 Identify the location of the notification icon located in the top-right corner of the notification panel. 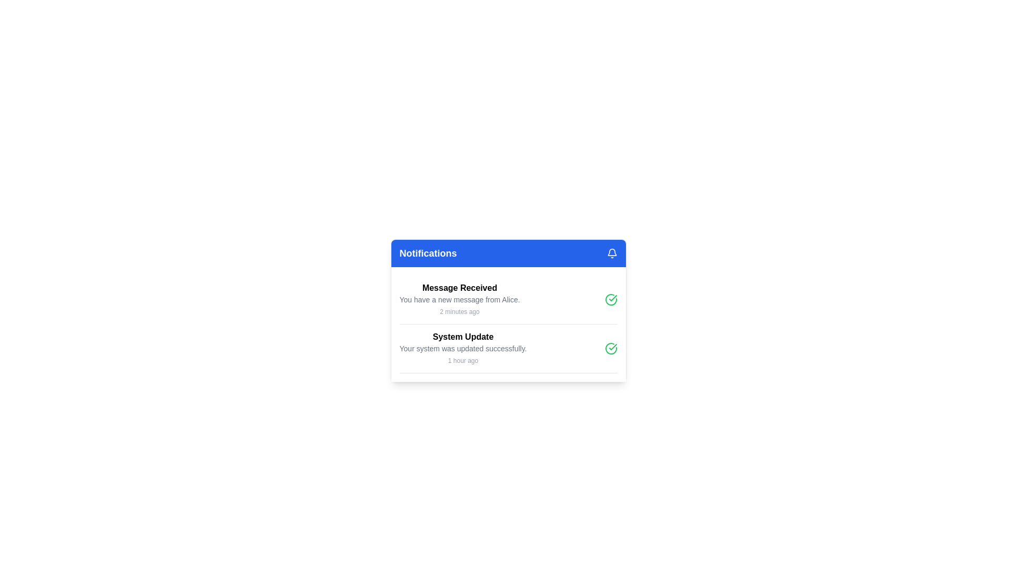
(612, 252).